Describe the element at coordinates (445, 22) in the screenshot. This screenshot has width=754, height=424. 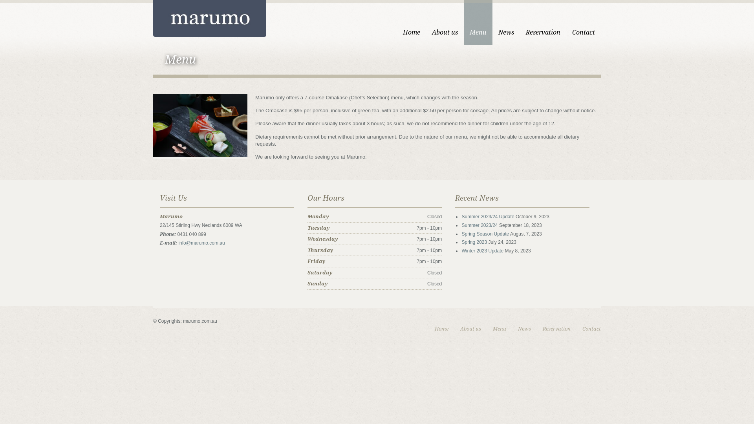
I see `'About us'` at that location.